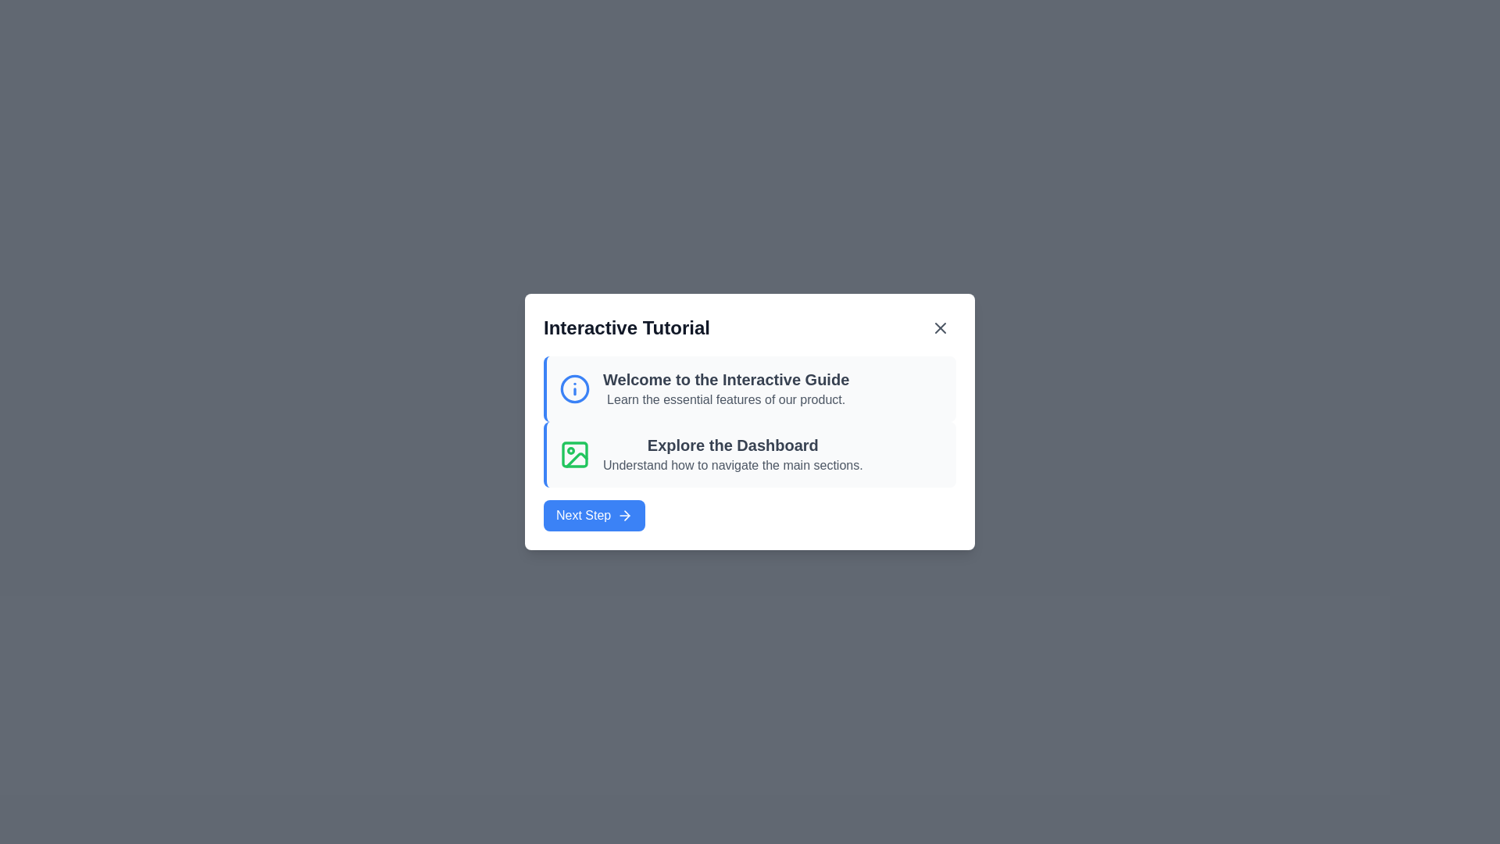  Describe the element at coordinates (750, 327) in the screenshot. I see `the title bar of the modal labeled 'Interactive Tutorial', which is located at the top of the modal interface` at that location.